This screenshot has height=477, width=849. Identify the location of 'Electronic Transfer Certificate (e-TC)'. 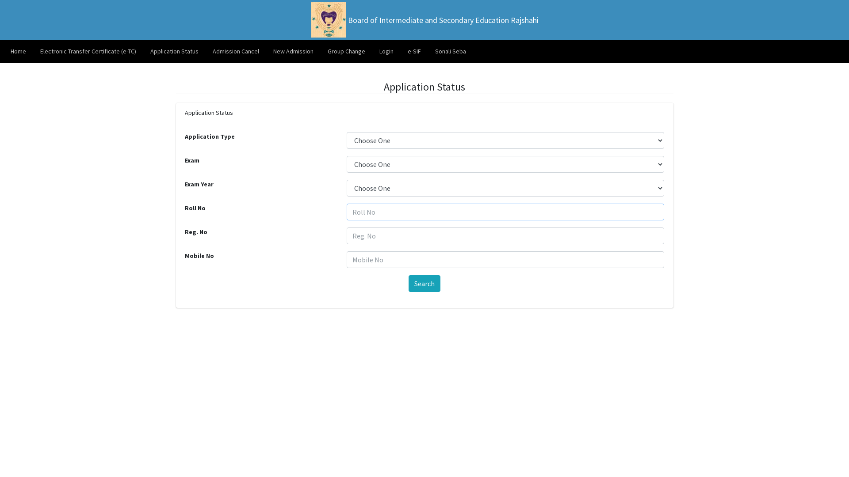
(88, 51).